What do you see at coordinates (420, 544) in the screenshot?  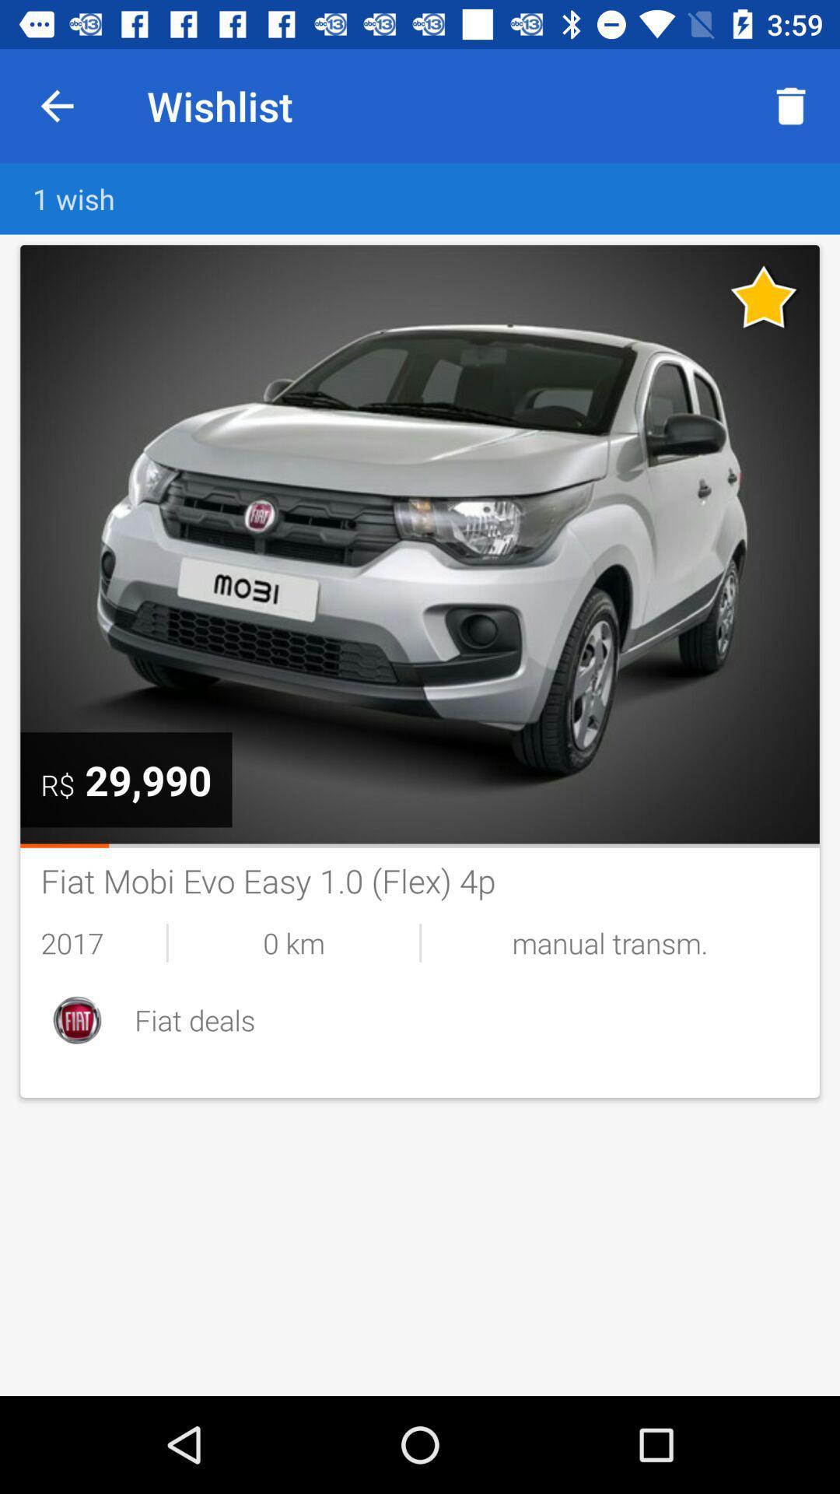 I see `the item below 1 wish icon` at bounding box center [420, 544].